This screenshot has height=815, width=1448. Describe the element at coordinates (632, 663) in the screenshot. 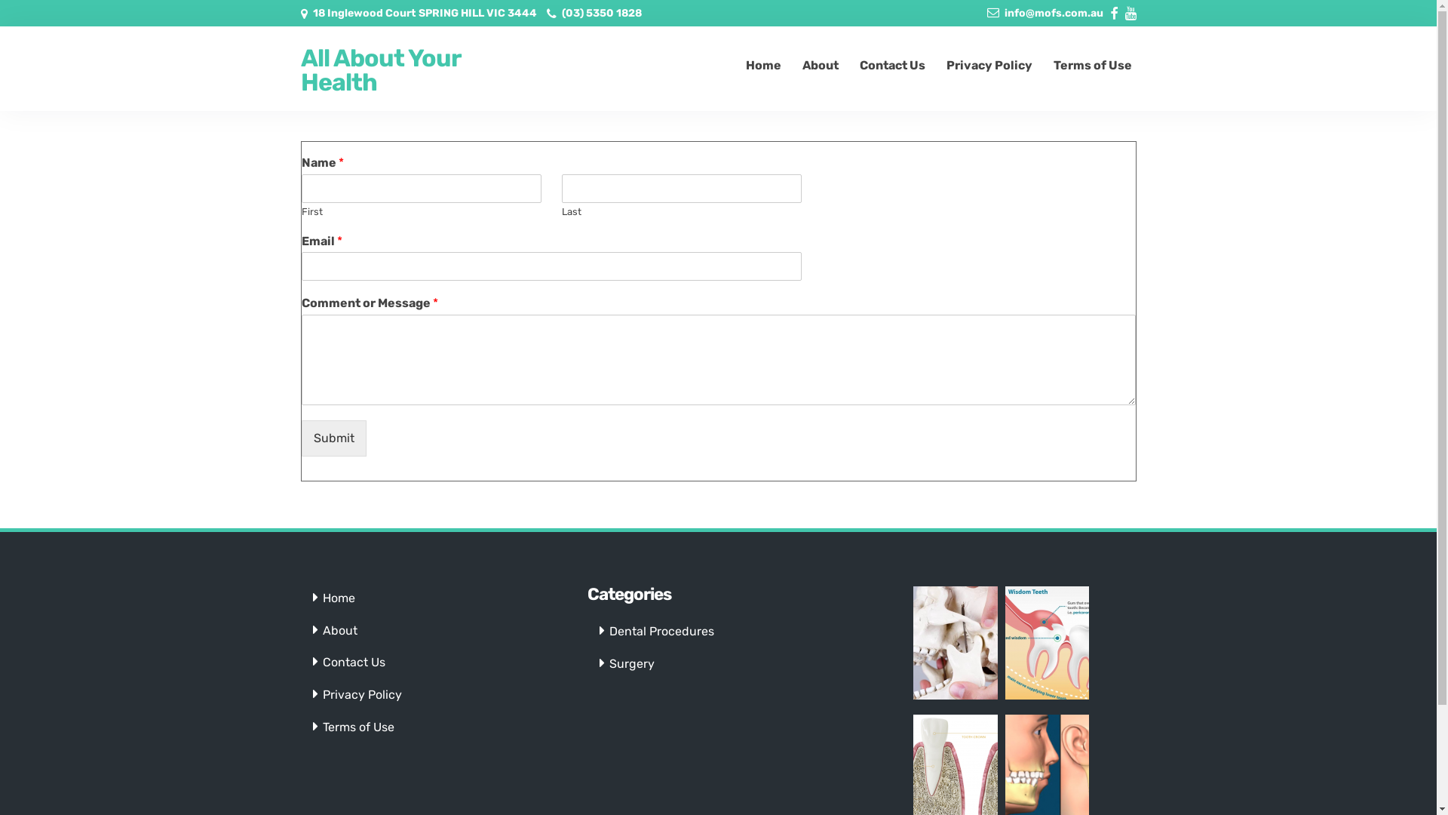

I see `'Surgery'` at that location.